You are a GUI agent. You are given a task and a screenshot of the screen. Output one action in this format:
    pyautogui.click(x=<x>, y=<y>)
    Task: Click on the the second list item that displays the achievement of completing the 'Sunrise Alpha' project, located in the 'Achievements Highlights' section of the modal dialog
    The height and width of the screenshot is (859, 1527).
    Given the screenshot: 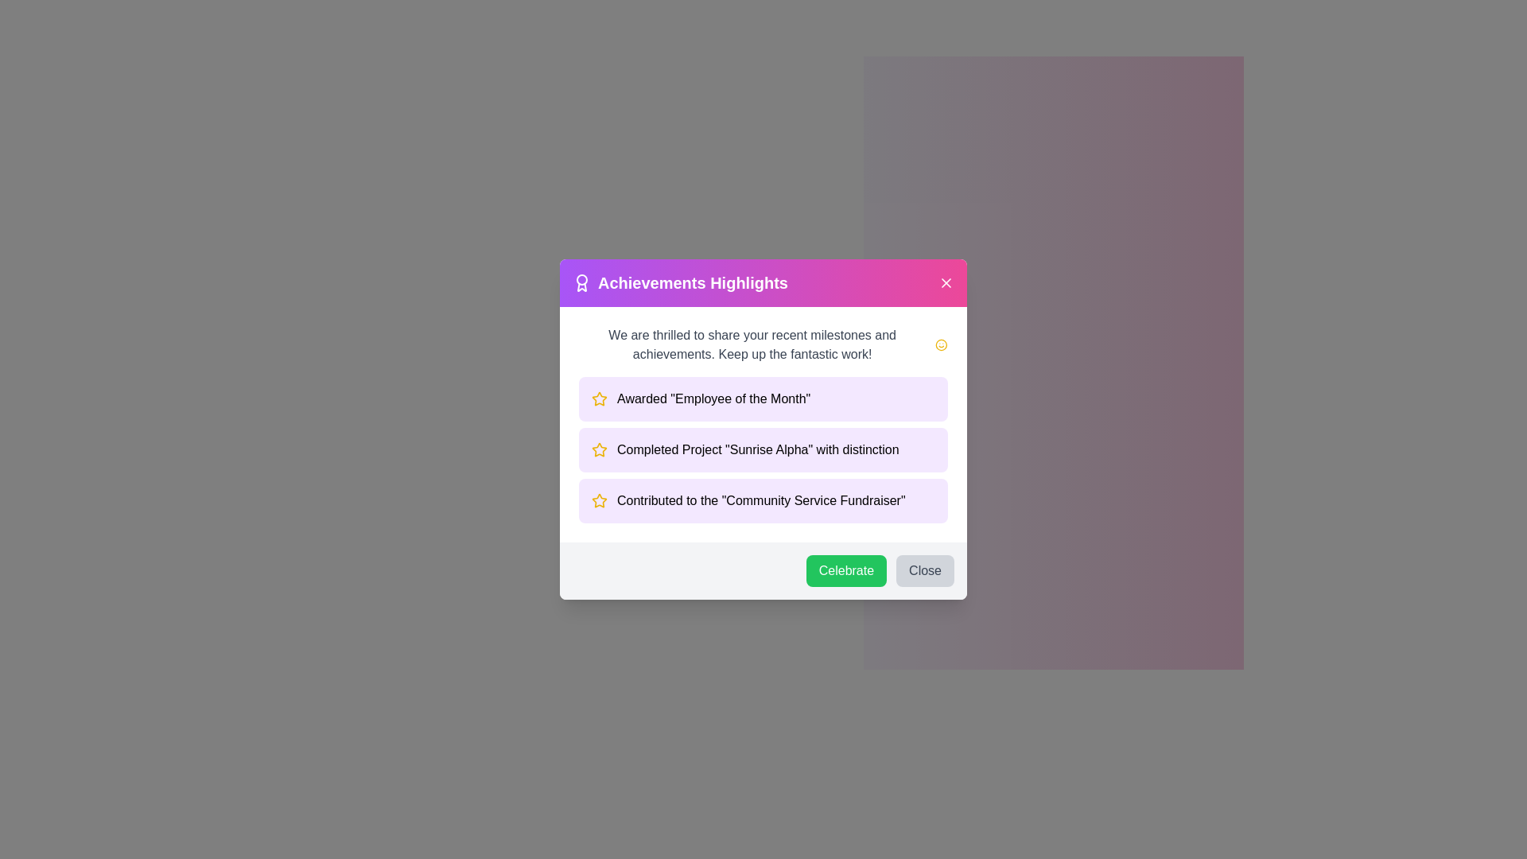 What is the action you would take?
    pyautogui.click(x=763, y=450)
    